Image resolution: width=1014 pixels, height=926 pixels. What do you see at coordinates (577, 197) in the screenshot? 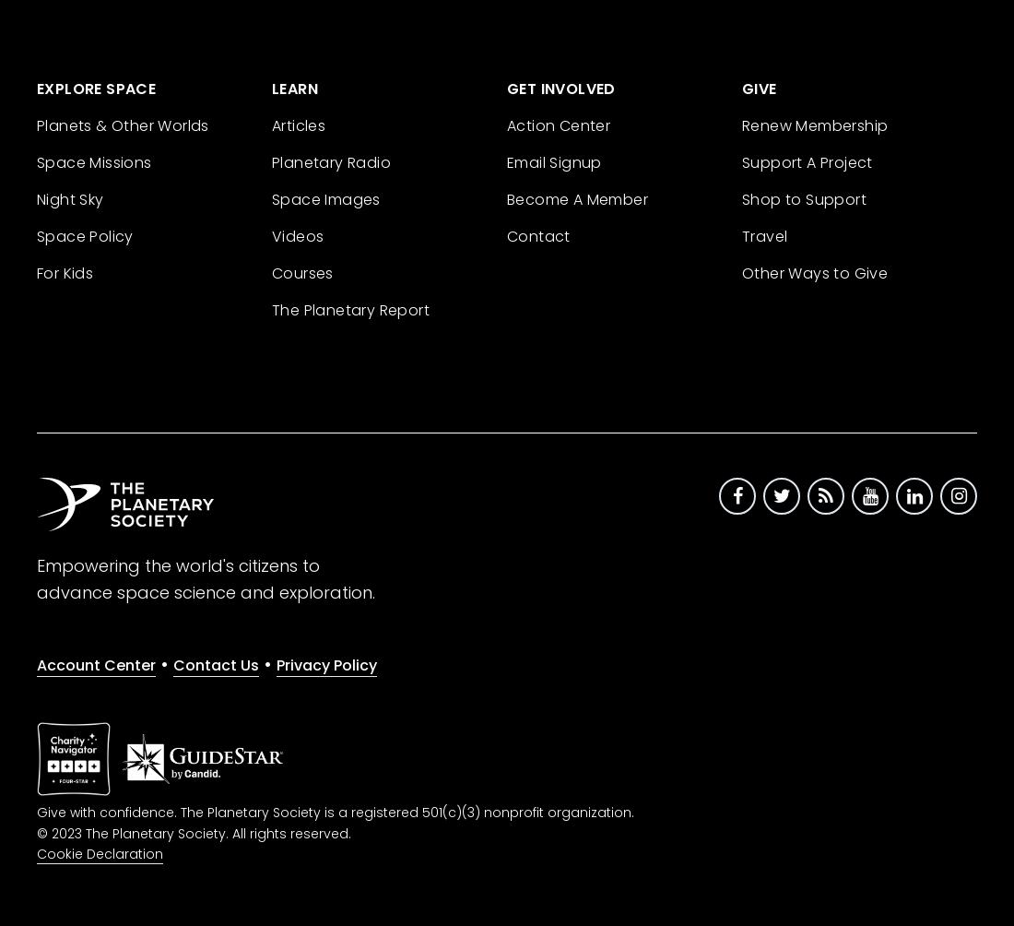
I see `'Become A Member'` at bounding box center [577, 197].